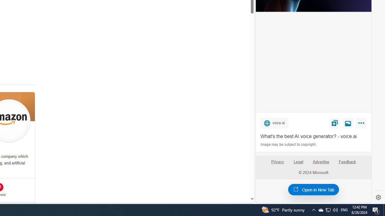 This screenshot has width=385, height=216. I want to click on 'AutomationID: mfa_root', so click(229, 181).